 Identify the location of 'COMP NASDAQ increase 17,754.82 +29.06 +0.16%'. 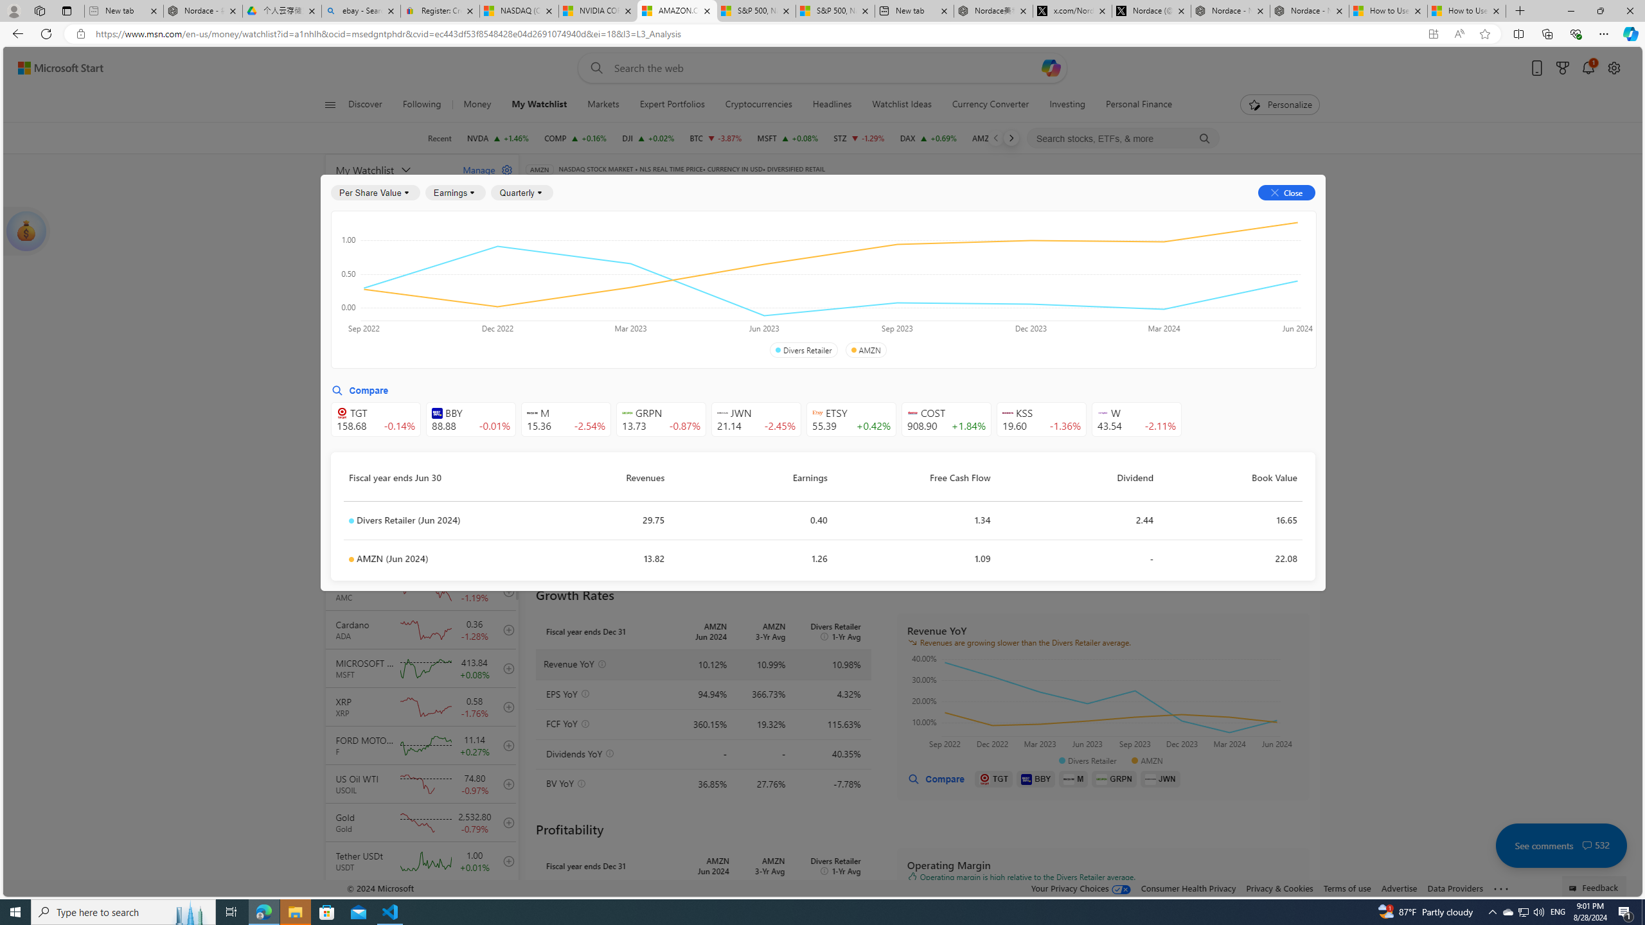
(576, 137).